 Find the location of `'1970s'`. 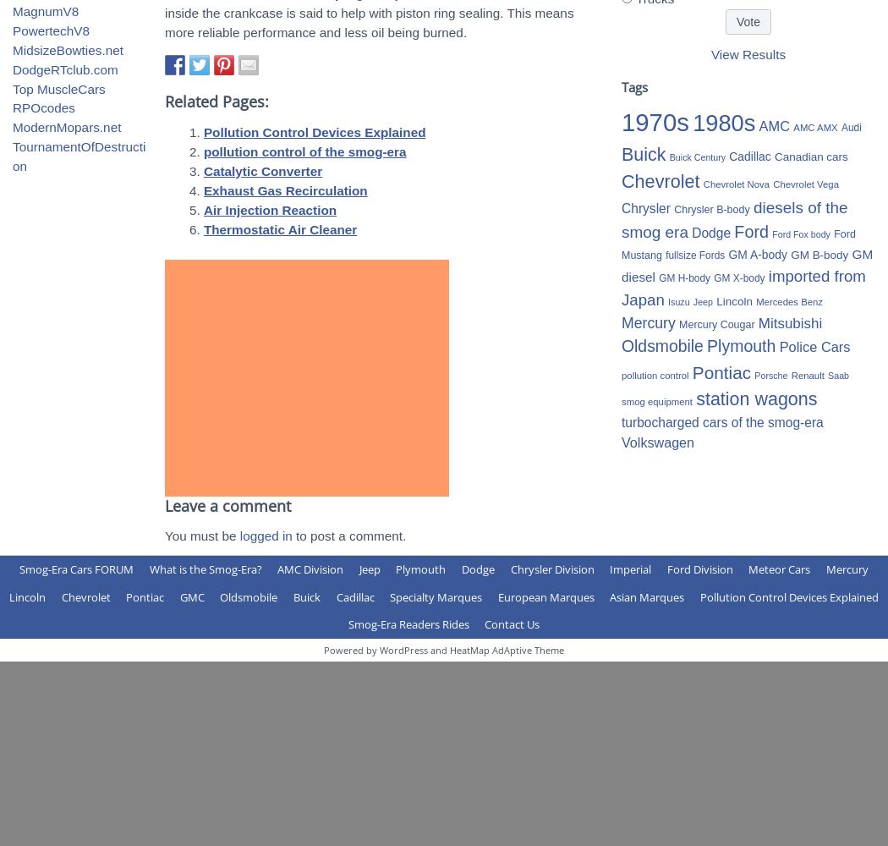

'1970s' is located at coordinates (621, 122).